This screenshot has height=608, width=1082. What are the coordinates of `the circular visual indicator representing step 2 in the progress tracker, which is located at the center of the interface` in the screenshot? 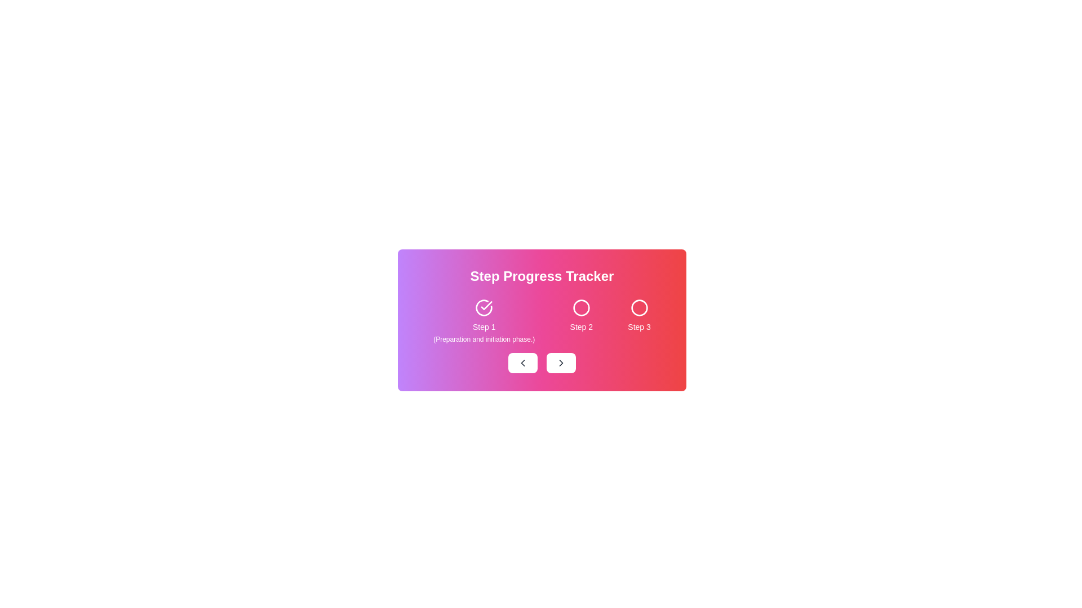 It's located at (581, 308).